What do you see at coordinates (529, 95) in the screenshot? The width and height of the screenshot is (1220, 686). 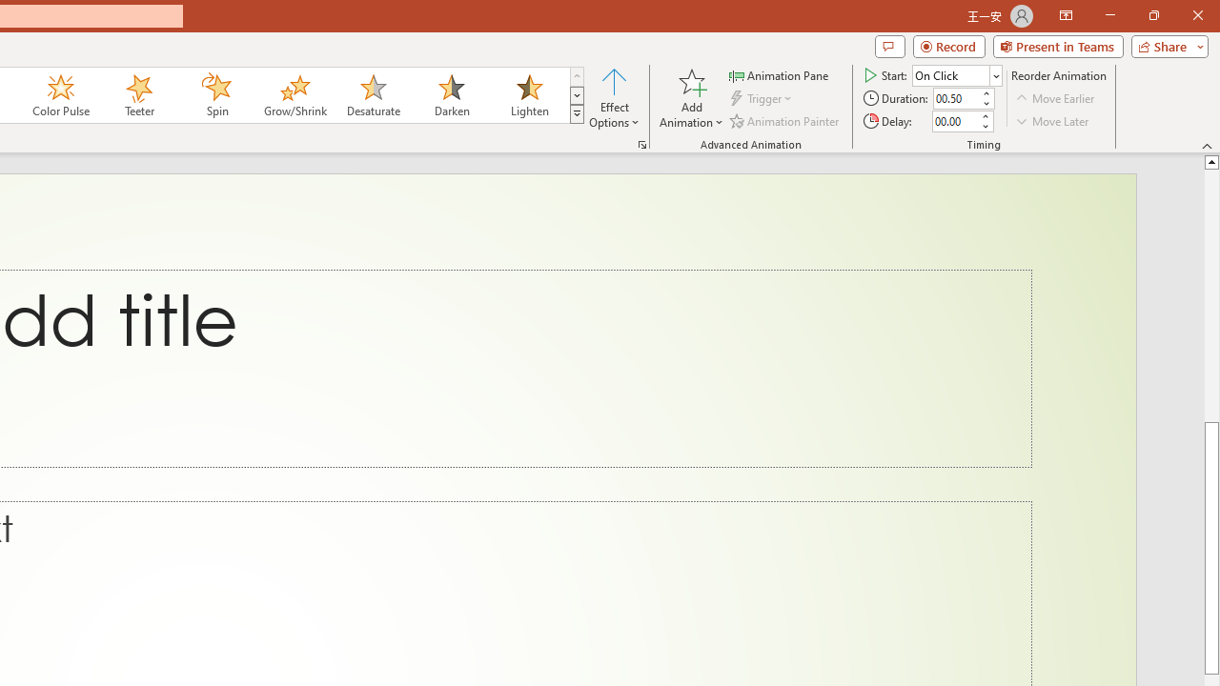 I see `'Lighten'` at bounding box center [529, 95].